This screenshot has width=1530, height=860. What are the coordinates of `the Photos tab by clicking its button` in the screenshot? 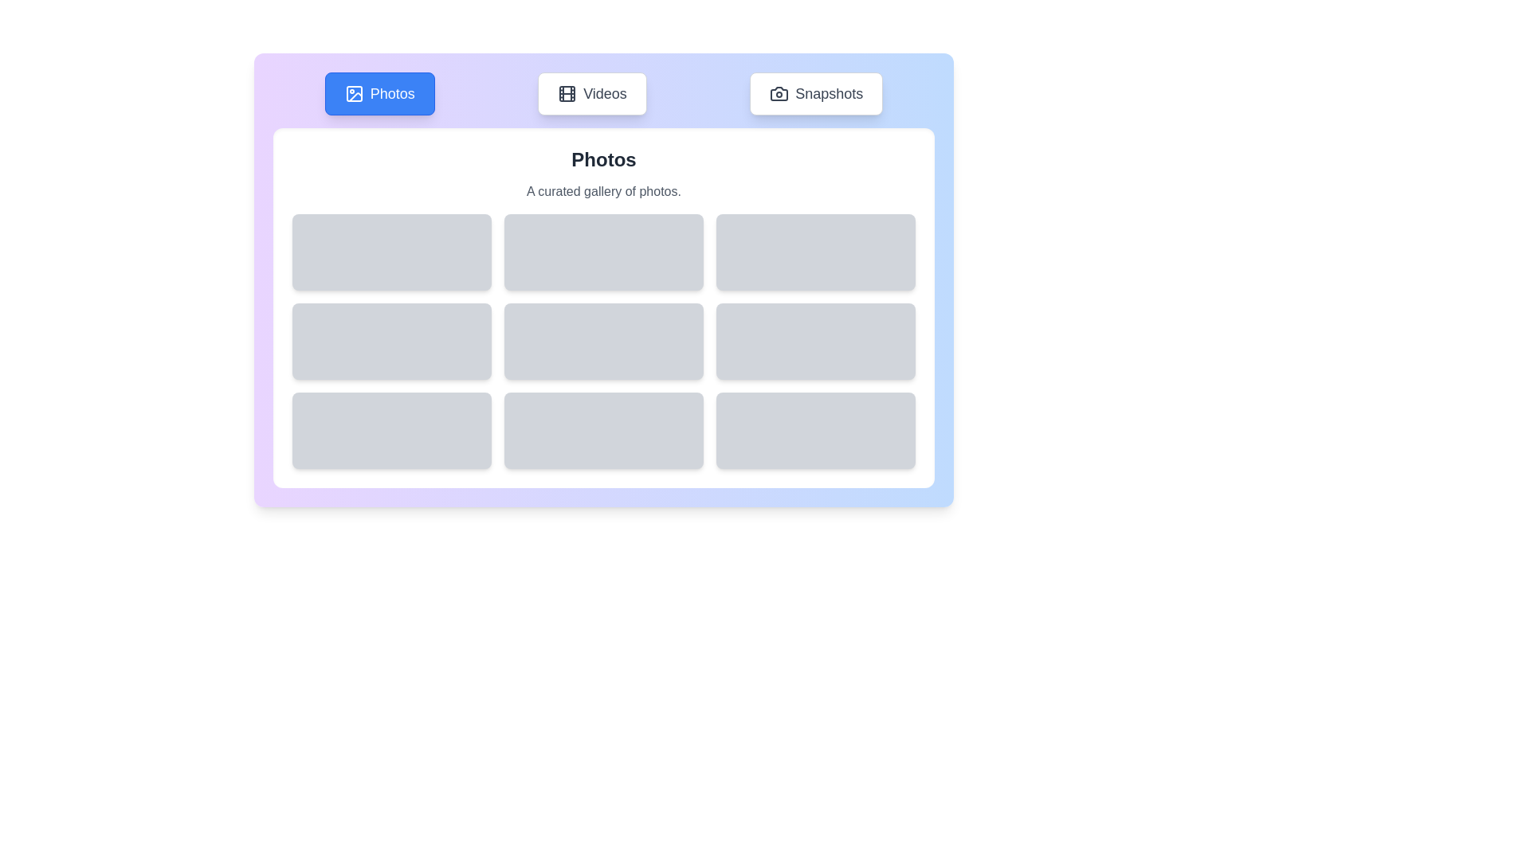 It's located at (379, 94).